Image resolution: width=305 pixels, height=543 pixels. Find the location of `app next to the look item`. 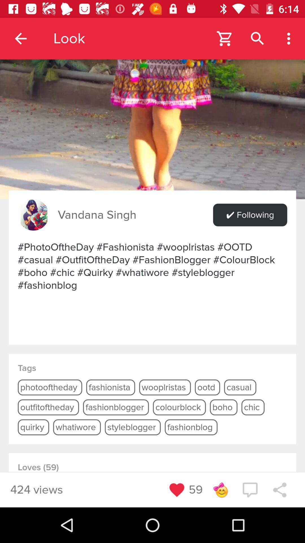

app next to the look item is located at coordinates (20, 38).